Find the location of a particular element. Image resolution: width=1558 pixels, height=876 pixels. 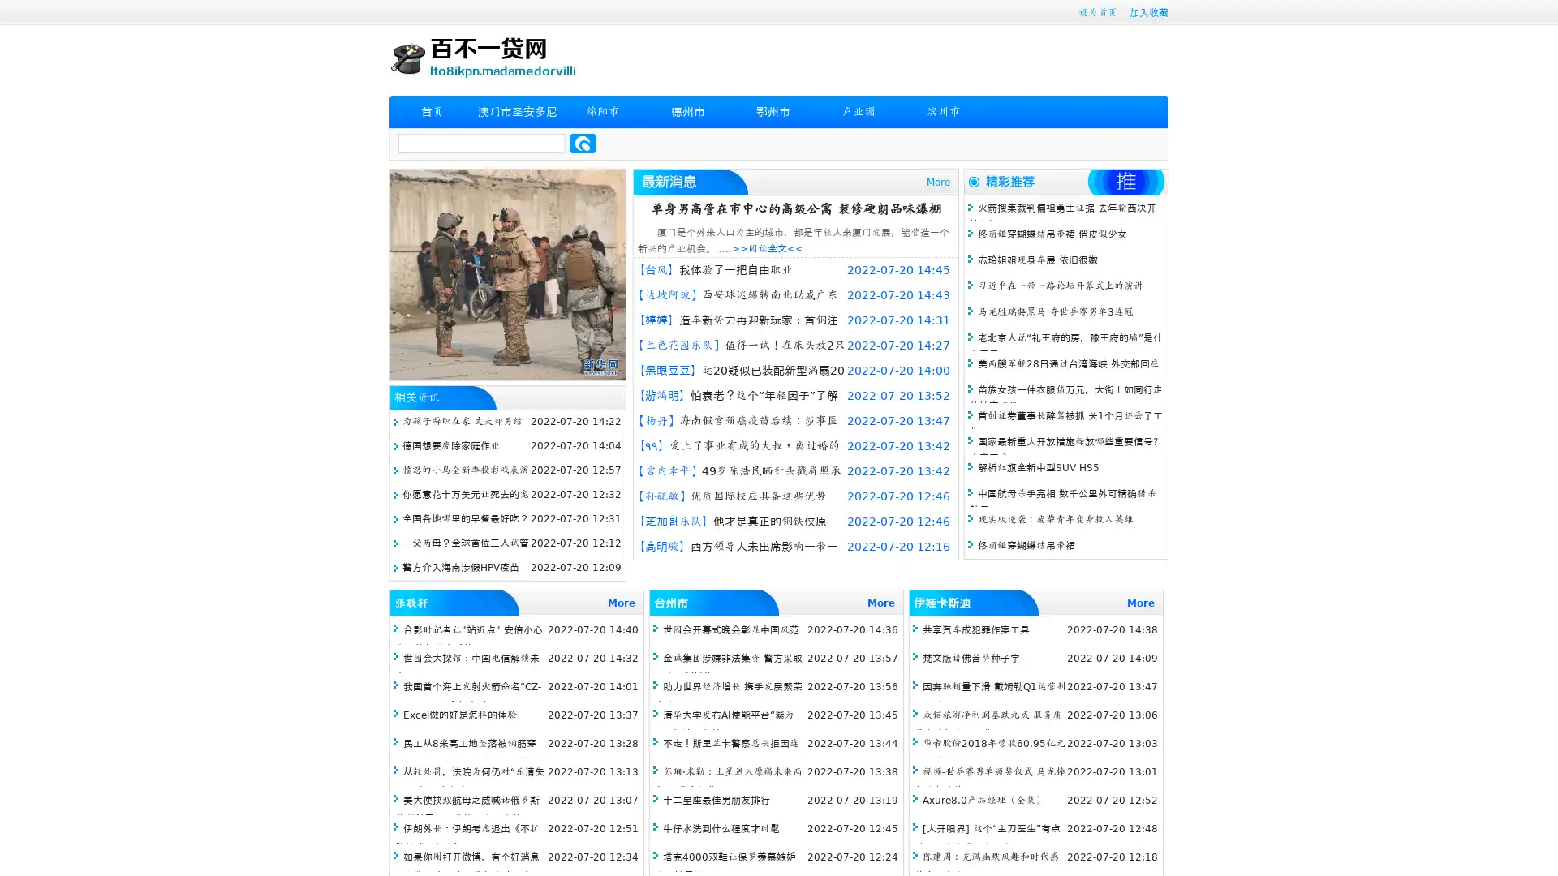

Search is located at coordinates (583, 143).